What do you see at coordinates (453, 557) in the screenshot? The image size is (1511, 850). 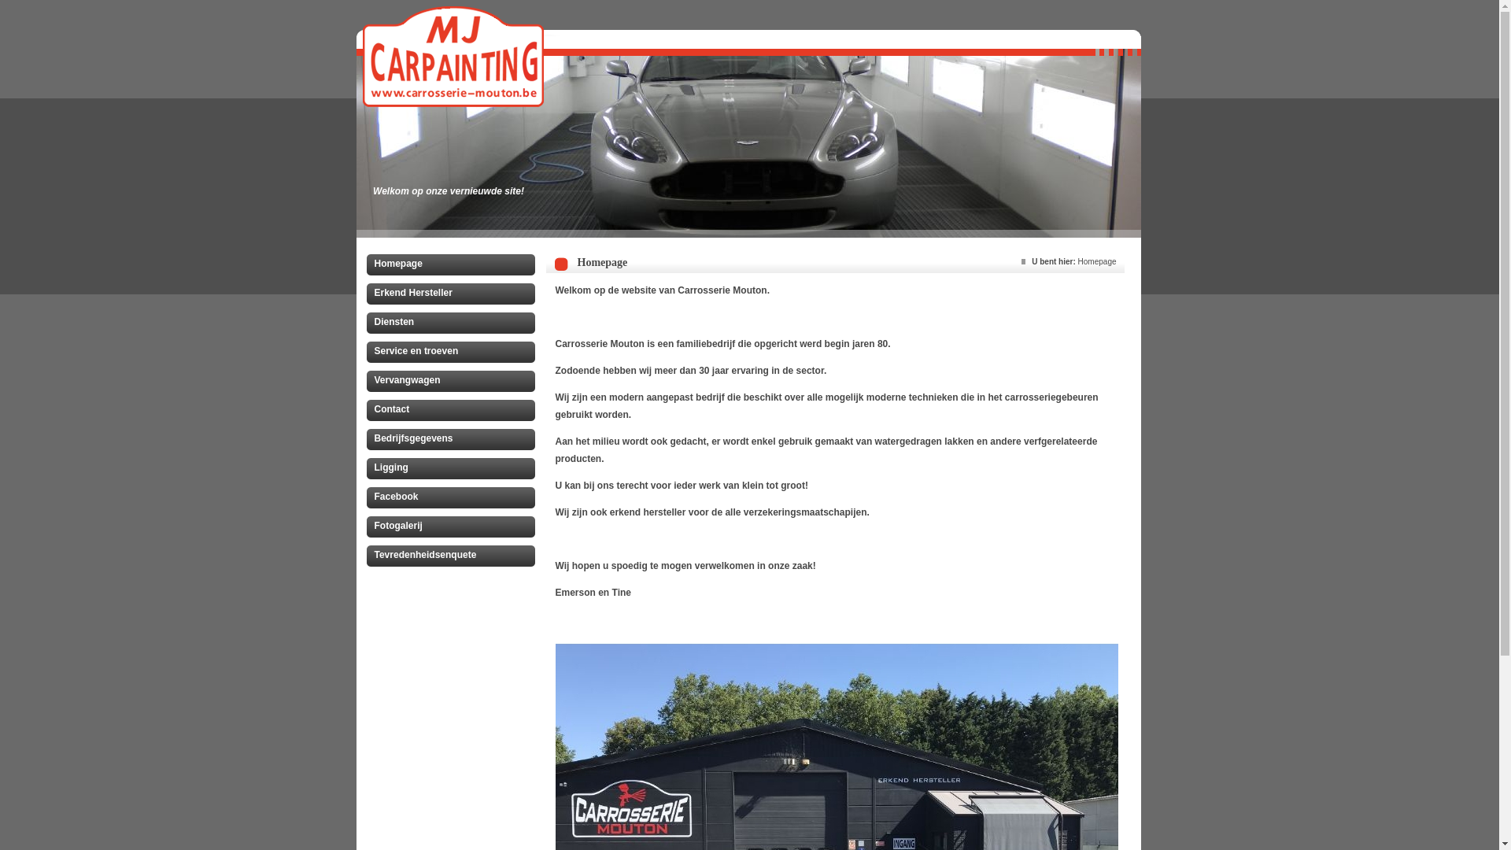 I see `'Tevredenheidsenquete'` at bounding box center [453, 557].